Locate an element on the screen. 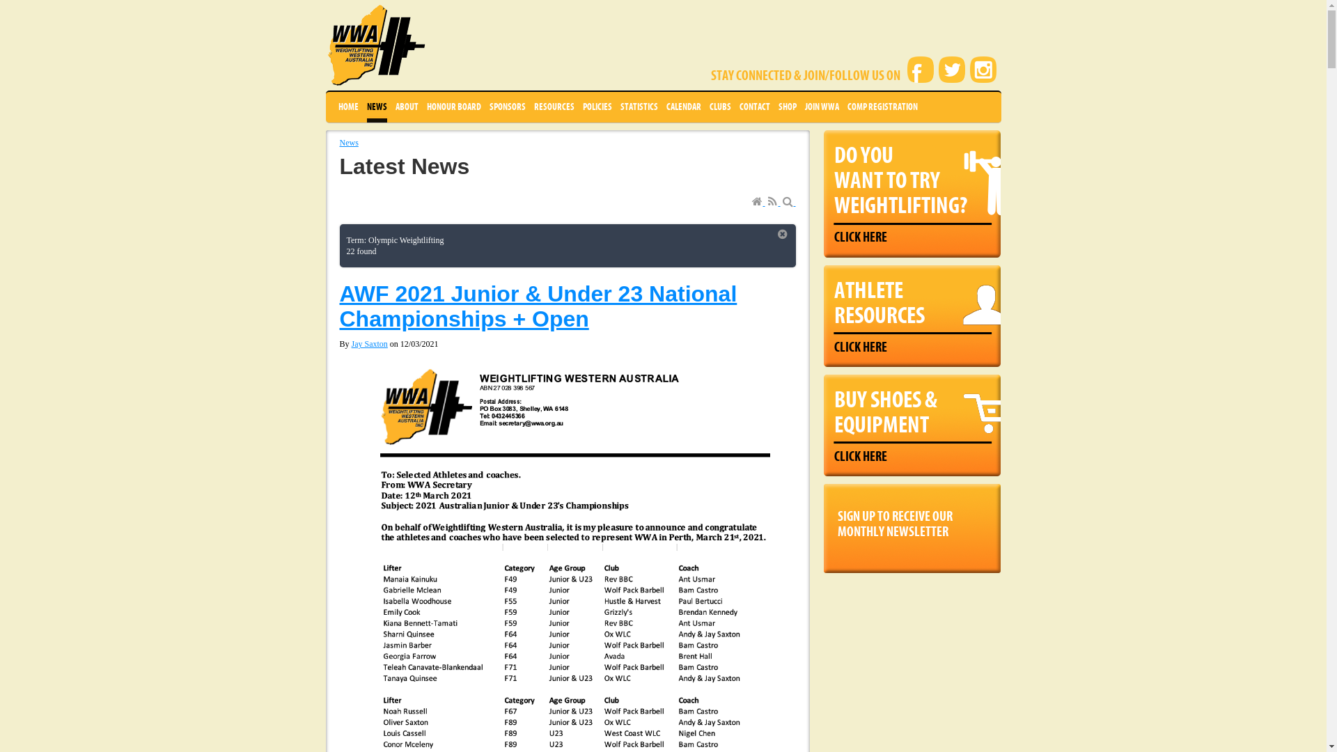  ' ' is located at coordinates (773, 202).